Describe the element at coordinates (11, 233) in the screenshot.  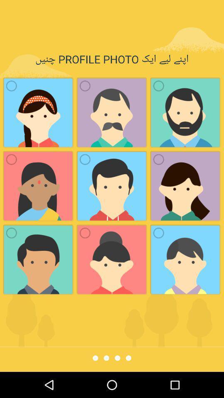
I see `radio button which is at the bottom left corner` at that location.